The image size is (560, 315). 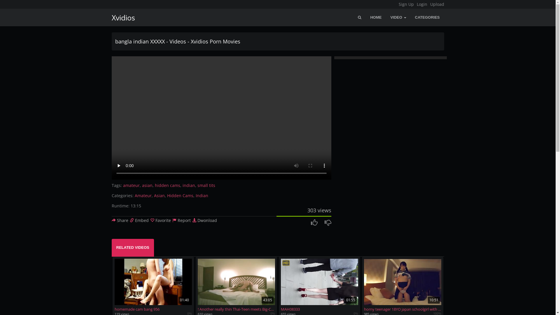 I want to click on 'RELATED VIDEOS', so click(x=111, y=248).